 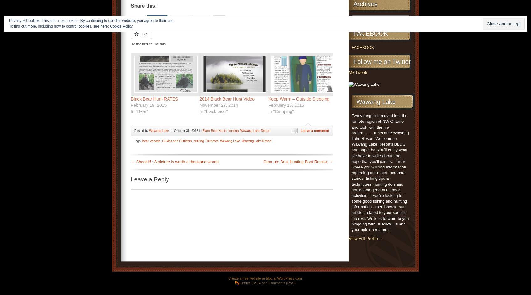 What do you see at coordinates (145, 140) in the screenshot?
I see `'bear'` at bounding box center [145, 140].